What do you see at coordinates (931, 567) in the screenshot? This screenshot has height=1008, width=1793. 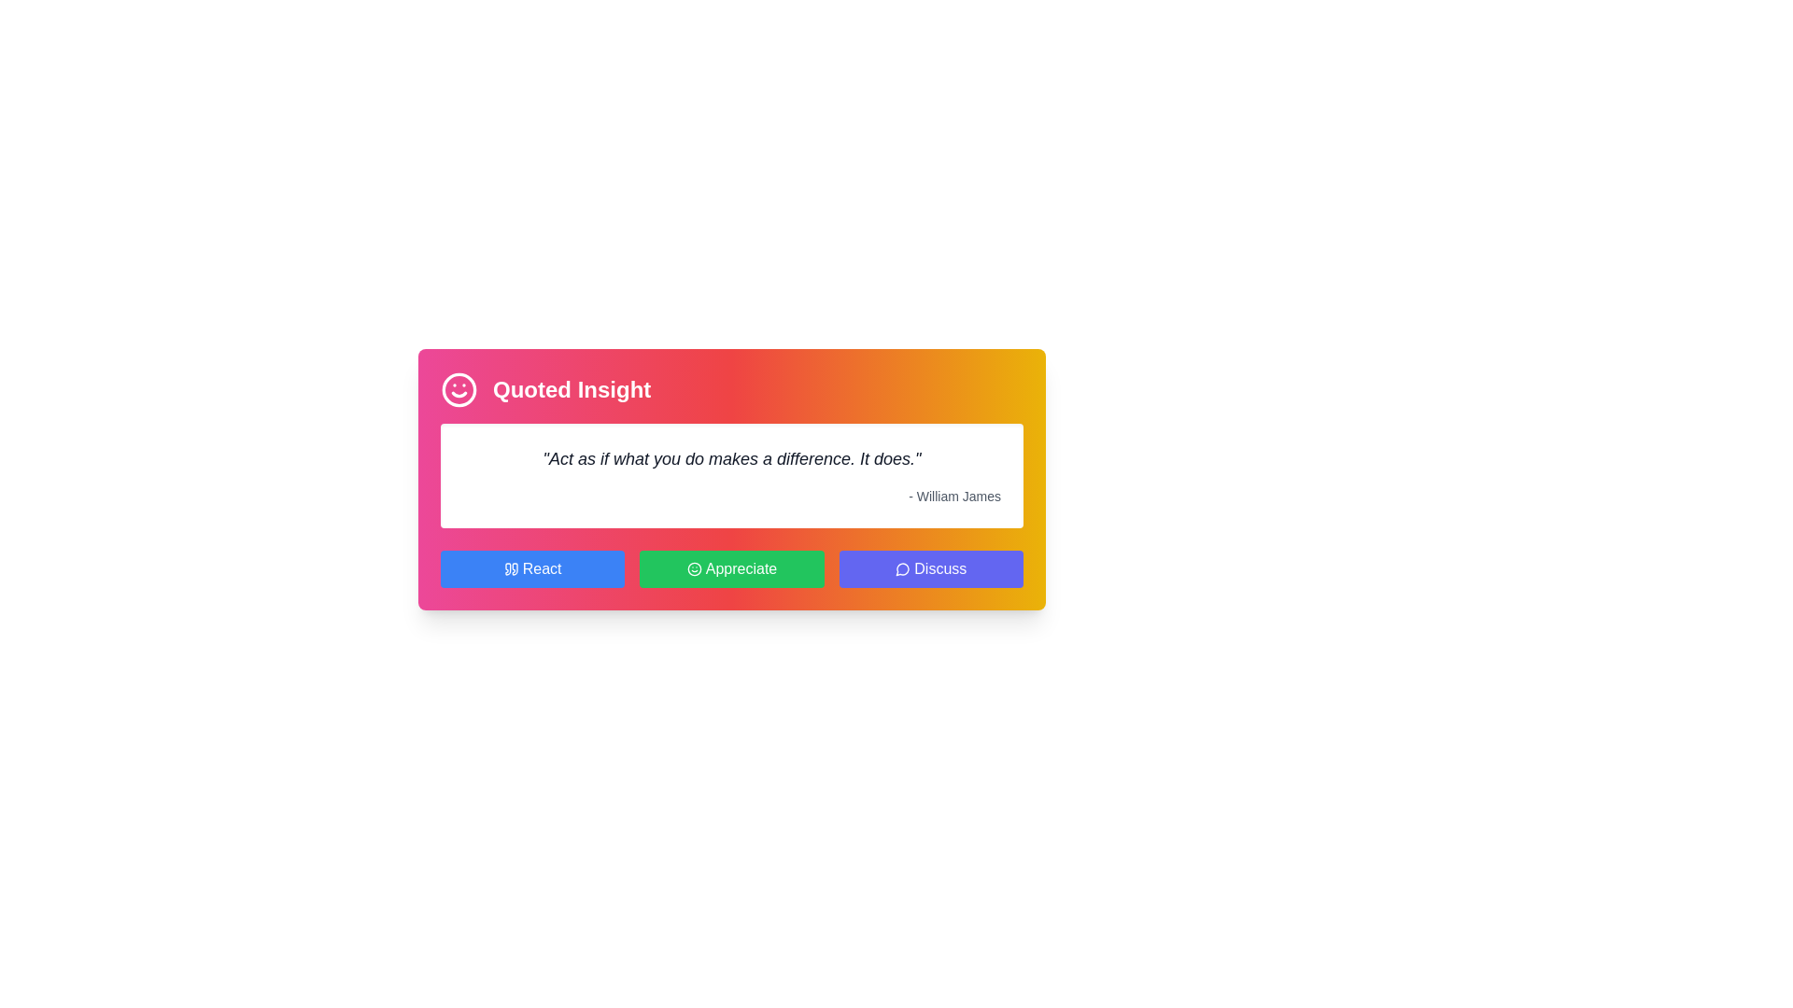 I see `the 'Discuss' button, which is the third button in a row of three, featuring a speech bubble icon and a bold white label on an indigo background, to initiate discussions` at bounding box center [931, 567].